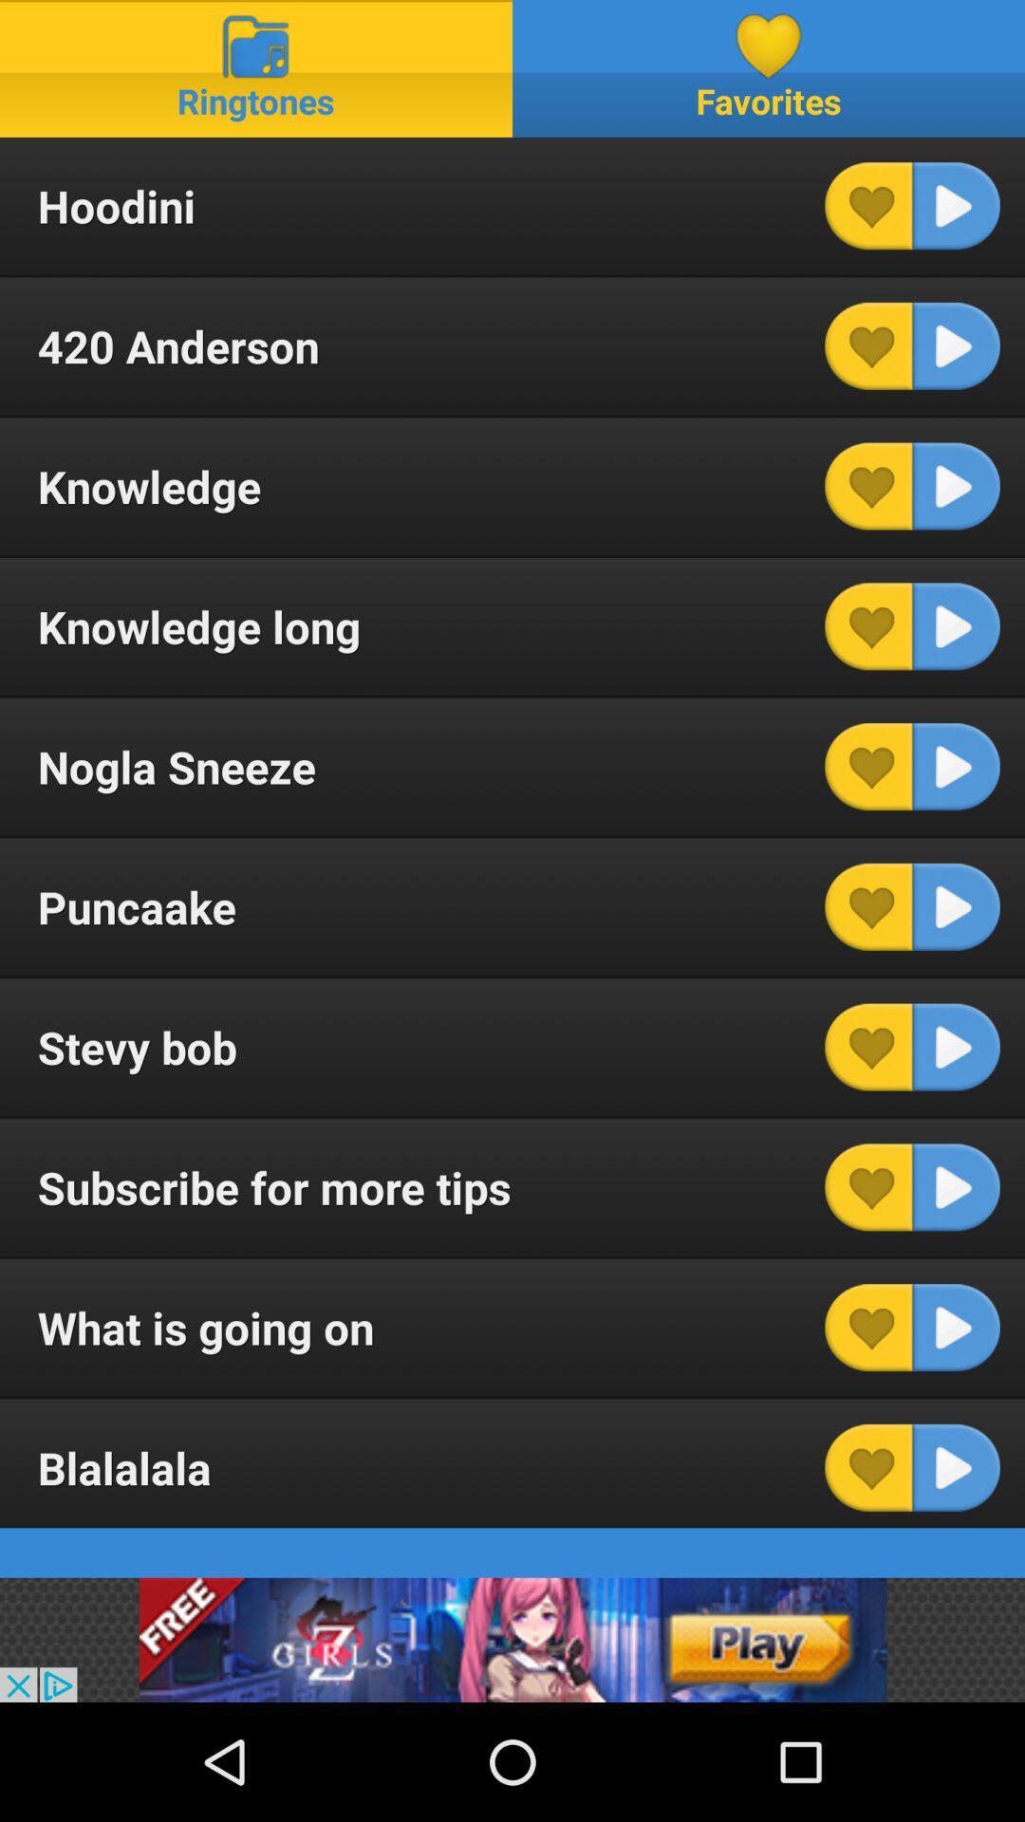 The width and height of the screenshot is (1025, 1822). What do you see at coordinates (956, 1466) in the screenshot?
I see `ringtone` at bounding box center [956, 1466].